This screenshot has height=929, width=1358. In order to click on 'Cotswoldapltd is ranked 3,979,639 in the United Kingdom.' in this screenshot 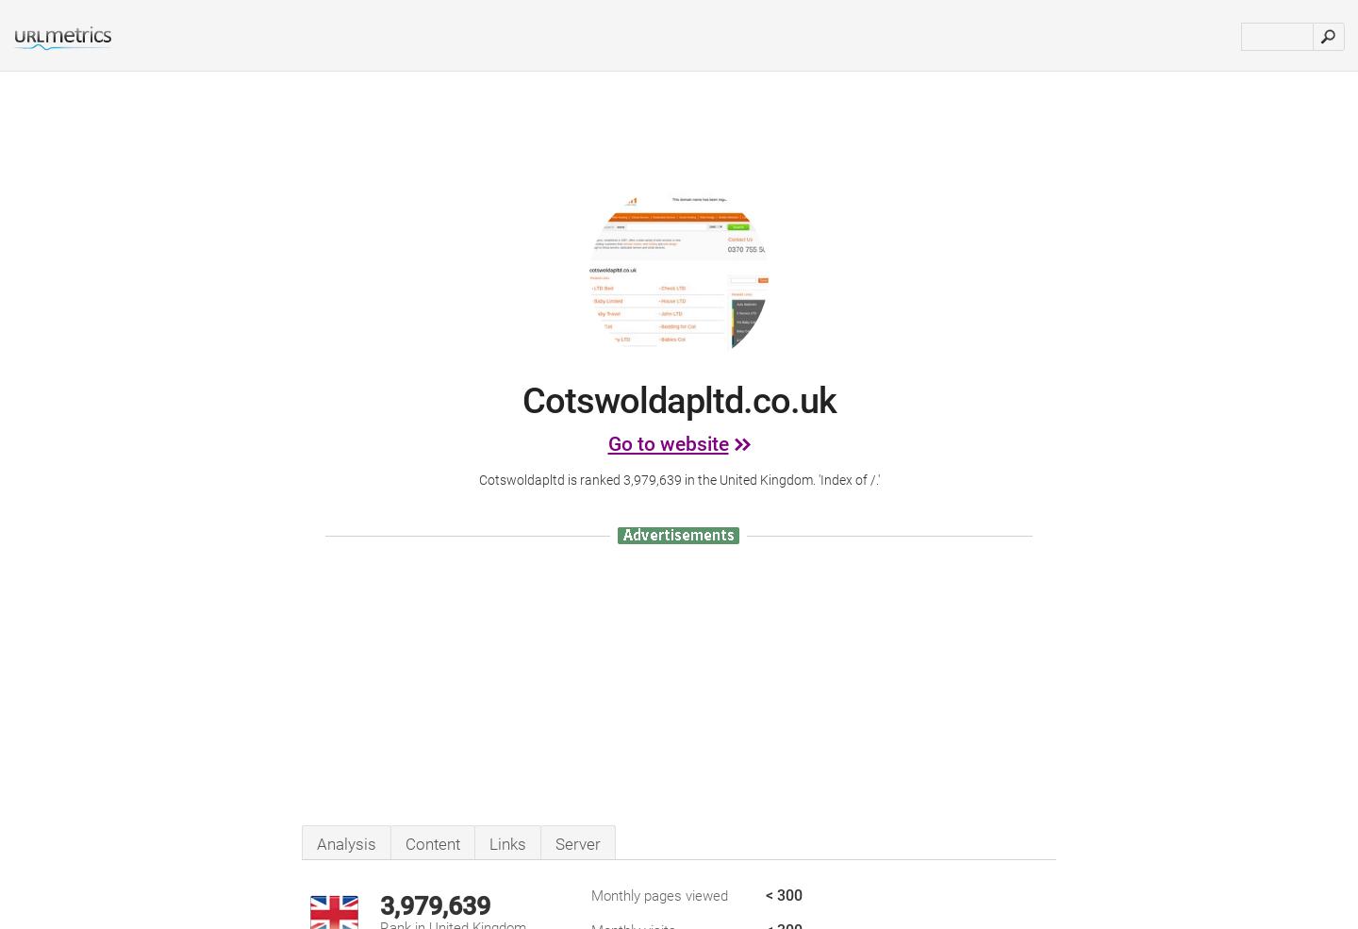, I will do `click(648, 480)`.